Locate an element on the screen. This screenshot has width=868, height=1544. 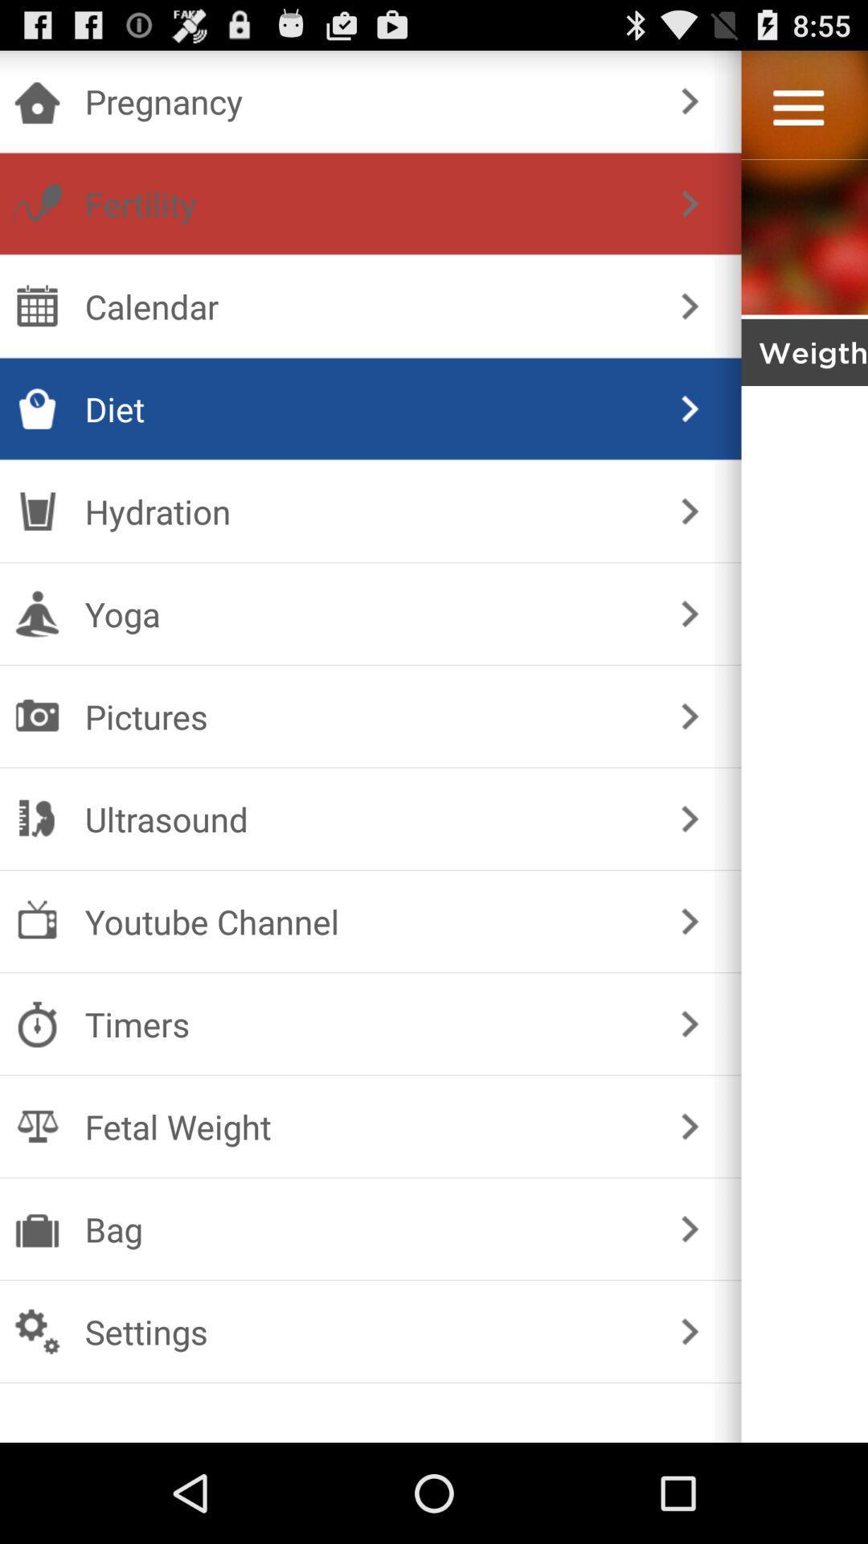
the item below the pregnancy item is located at coordinates (689, 203).